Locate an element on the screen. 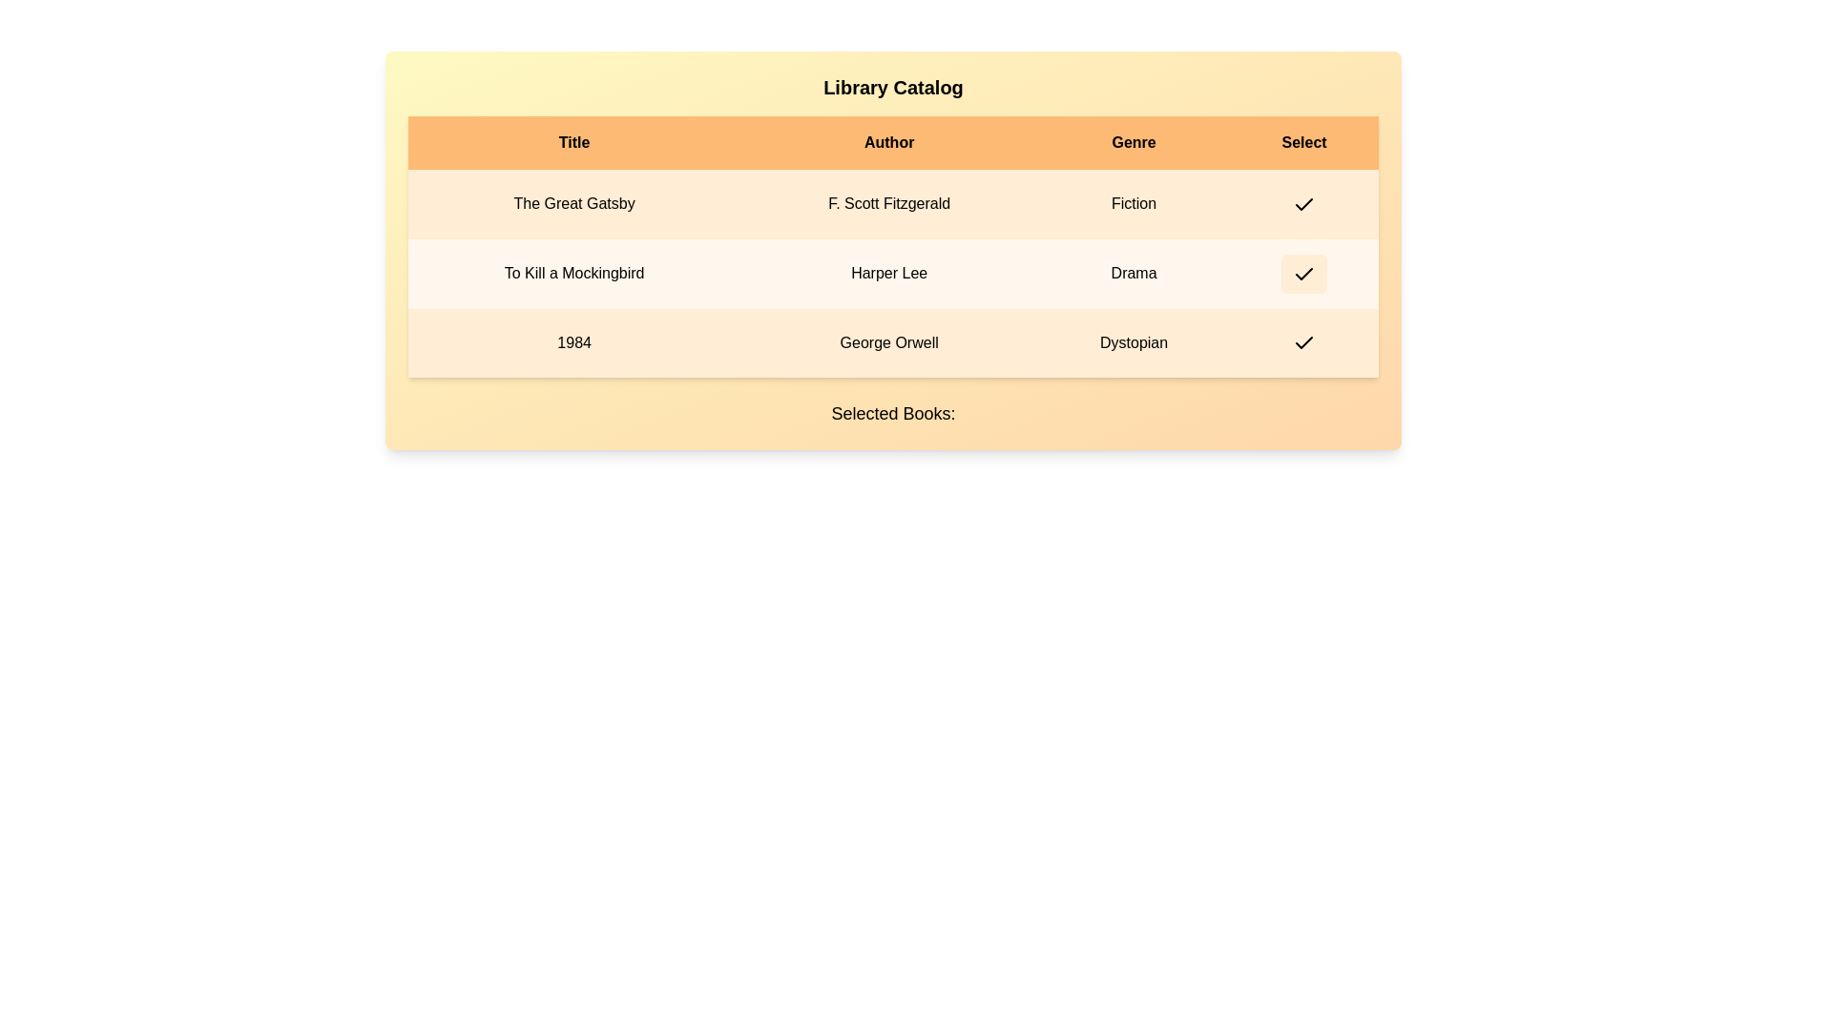  the check mark icon located in the 'Select' column of the table corresponding to 'To Kill a Mockingbird' for its selection status is located at coordinates (1303, 274).